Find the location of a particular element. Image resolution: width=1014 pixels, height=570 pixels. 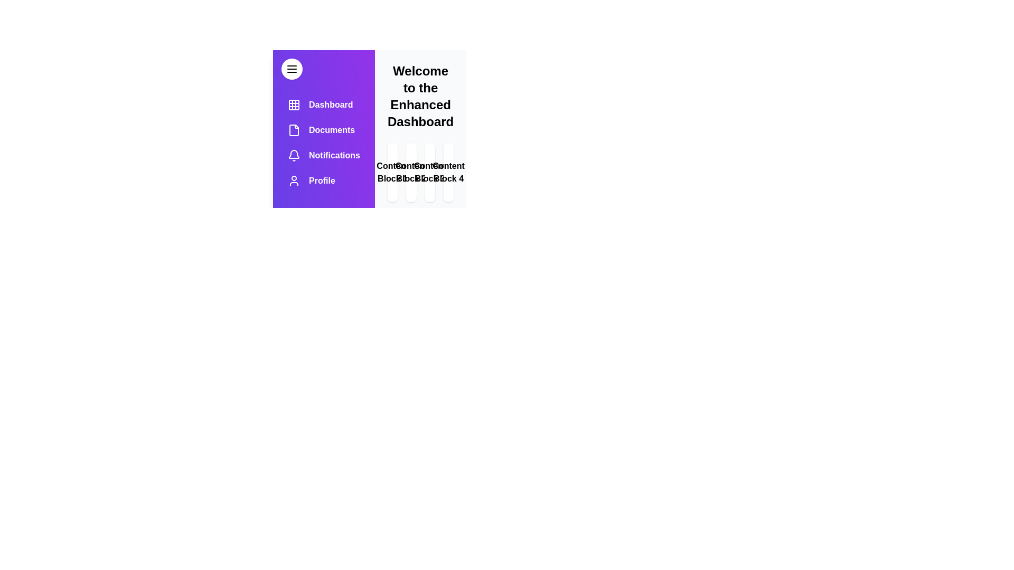

the menu item labeled Dashboard is located at coordinates (323, 105).